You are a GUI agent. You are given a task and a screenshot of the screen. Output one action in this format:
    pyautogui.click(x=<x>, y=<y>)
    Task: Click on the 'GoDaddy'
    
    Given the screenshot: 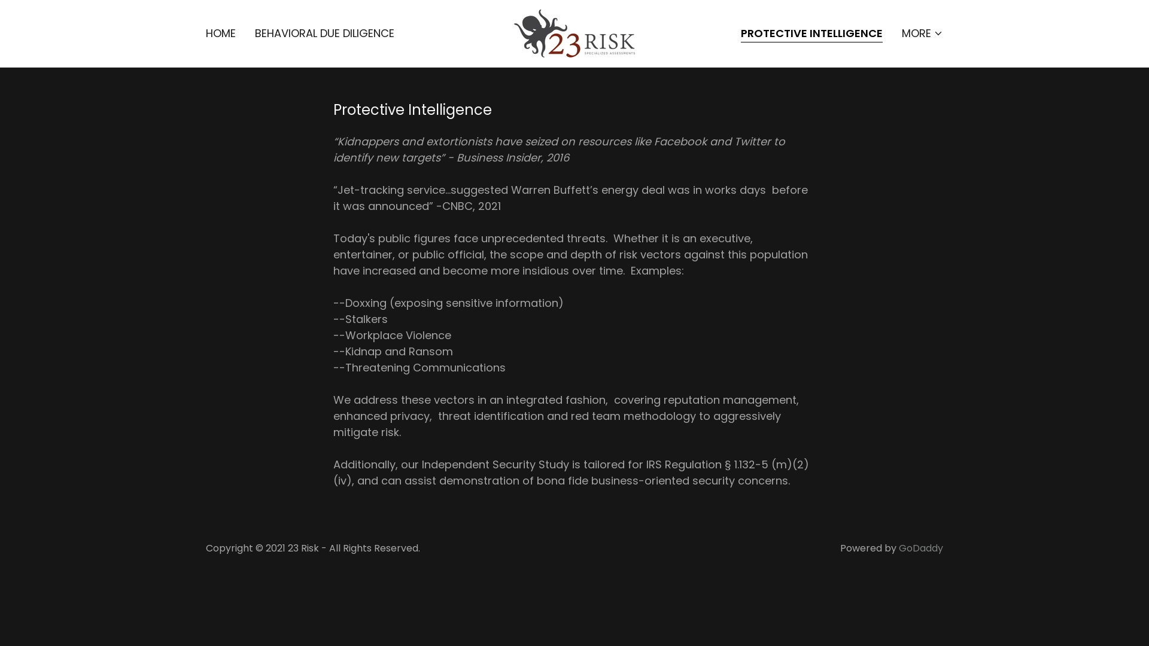 What is the action you would take?
    pyautogui.click(x=920, y=548)
    